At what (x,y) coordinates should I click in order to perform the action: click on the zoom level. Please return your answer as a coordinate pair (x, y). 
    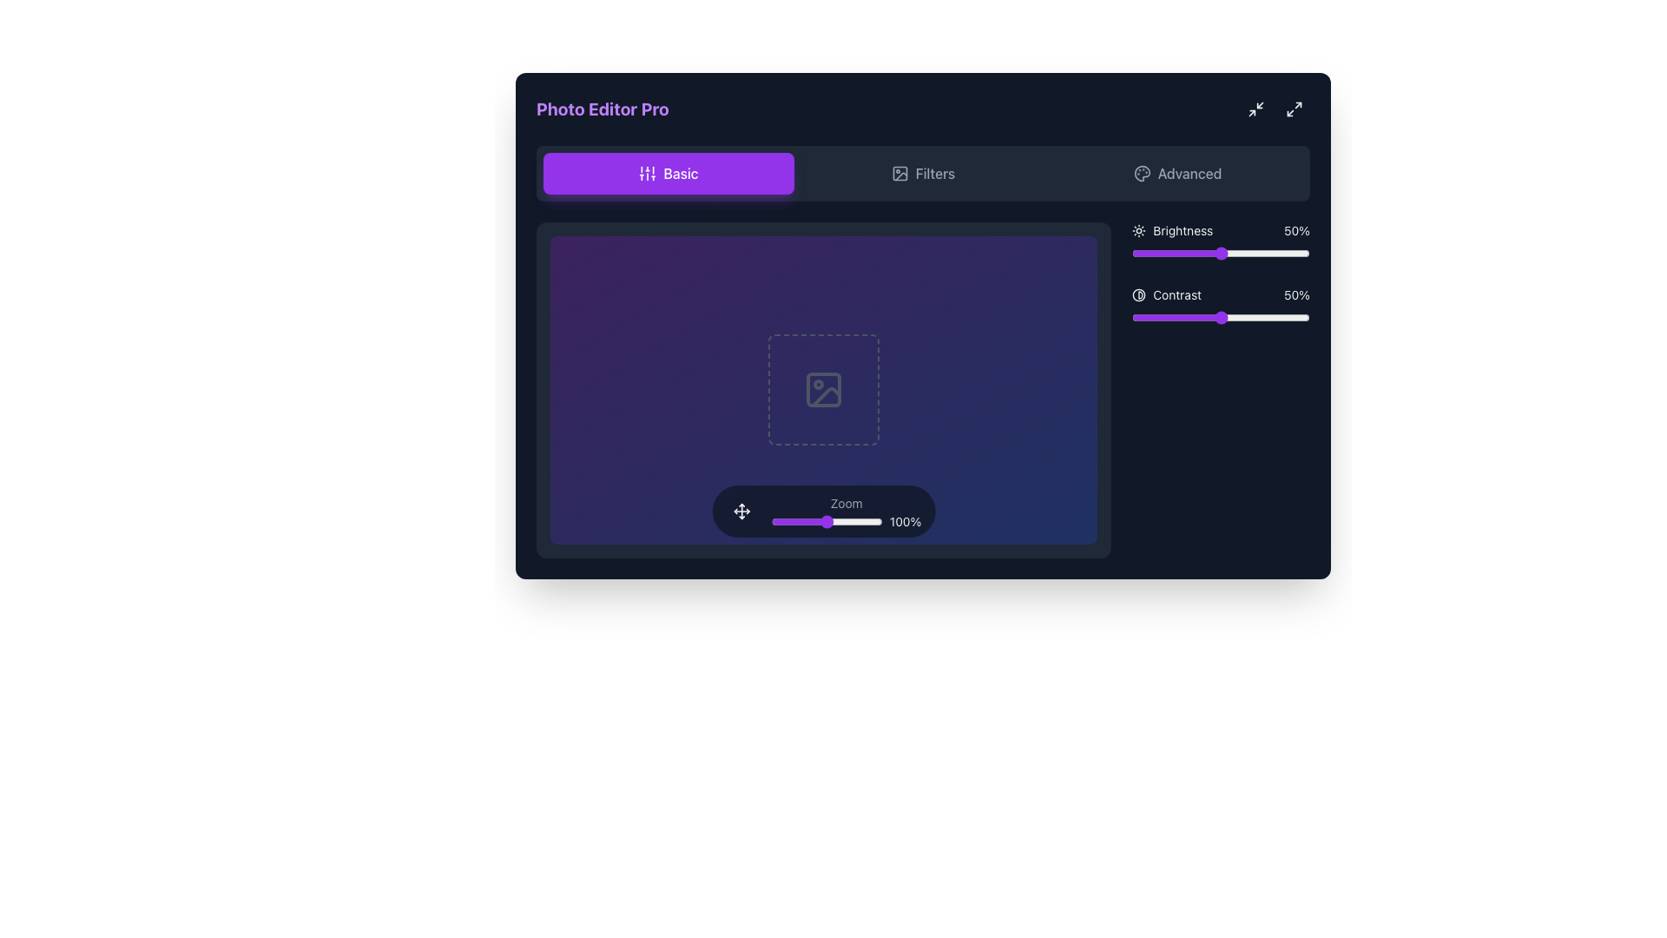
    Looking at the image, I should click on (878, 520).